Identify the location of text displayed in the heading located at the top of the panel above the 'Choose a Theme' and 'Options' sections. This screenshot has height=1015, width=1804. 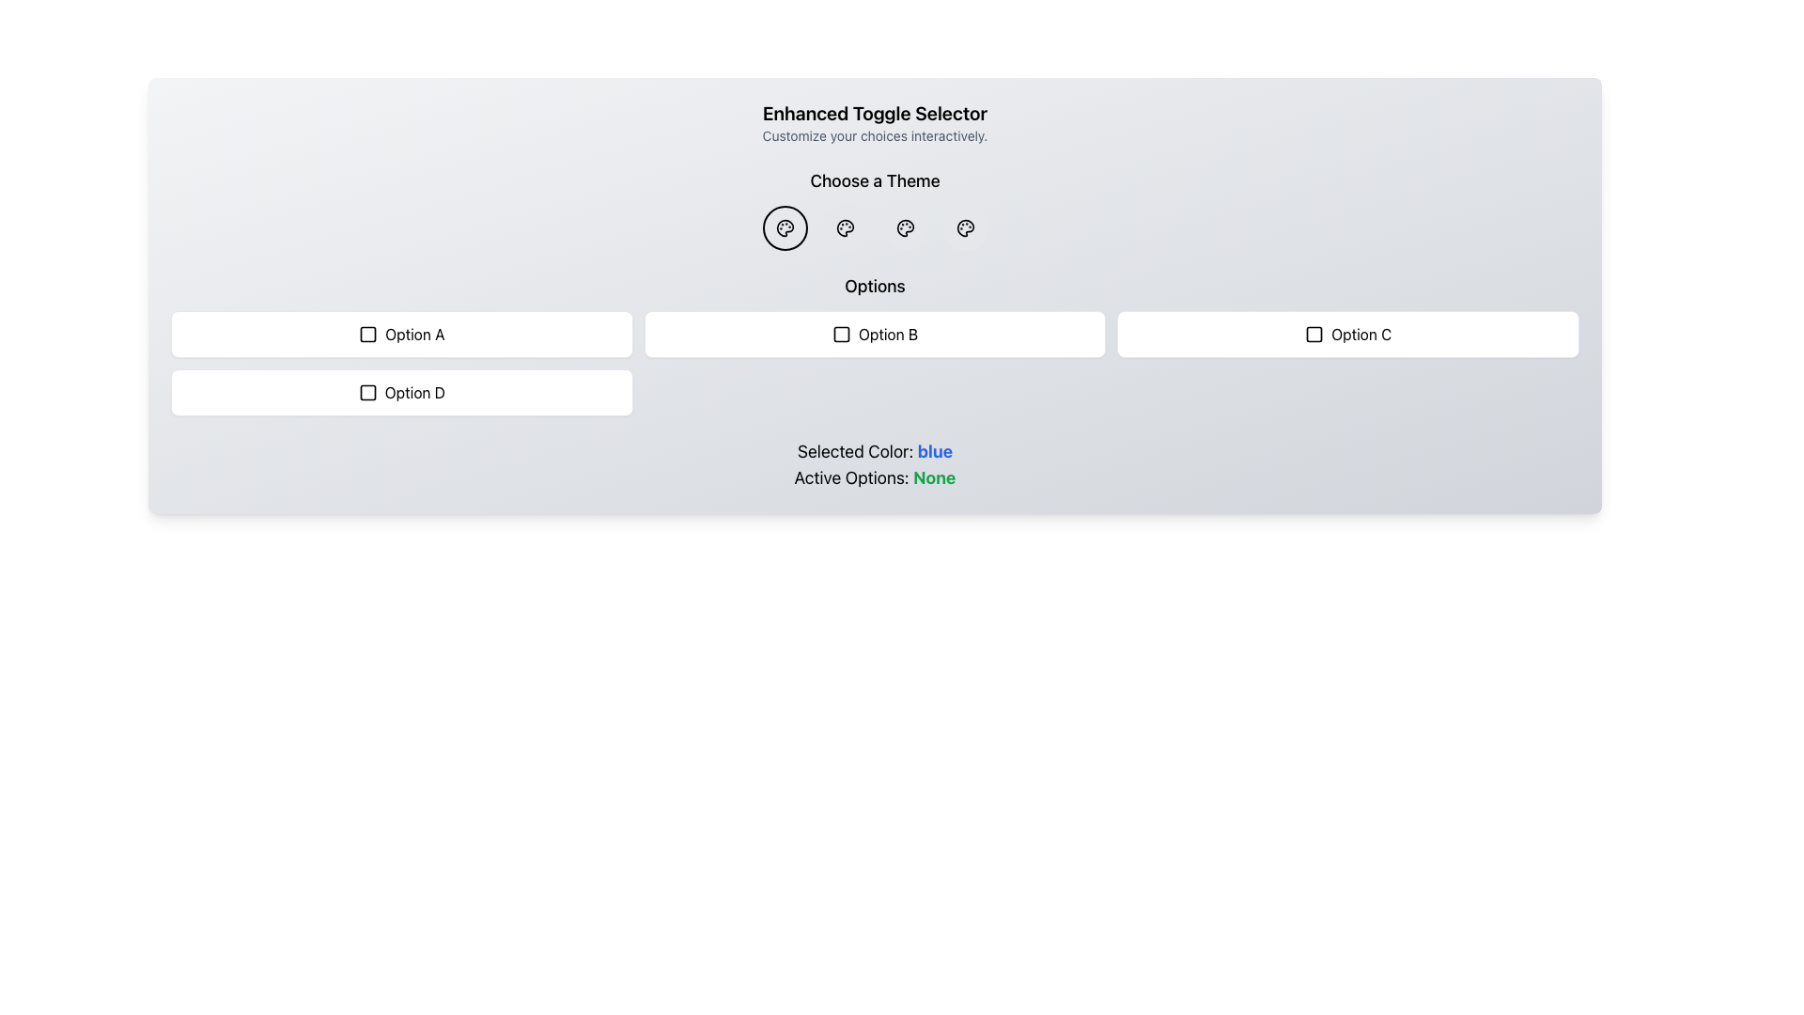
(874, 123).